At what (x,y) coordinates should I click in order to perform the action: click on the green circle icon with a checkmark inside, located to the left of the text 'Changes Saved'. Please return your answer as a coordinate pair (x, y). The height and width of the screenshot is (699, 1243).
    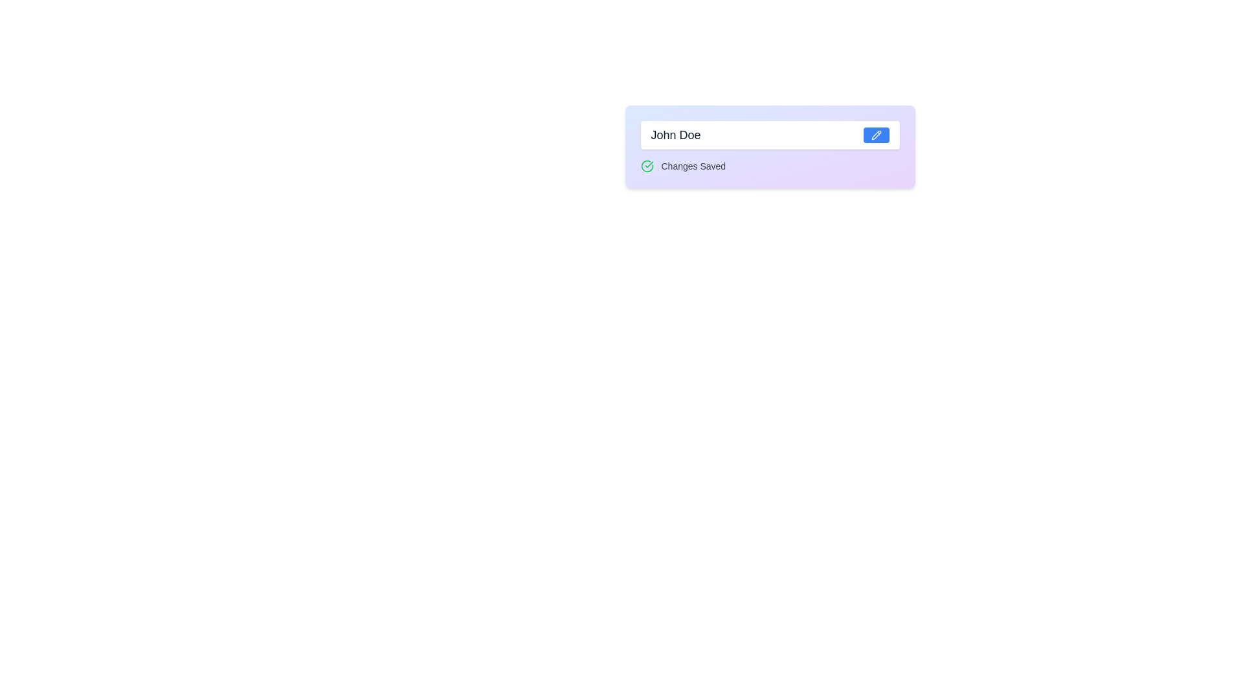
    Looking at the image, I should click on (647, 166).